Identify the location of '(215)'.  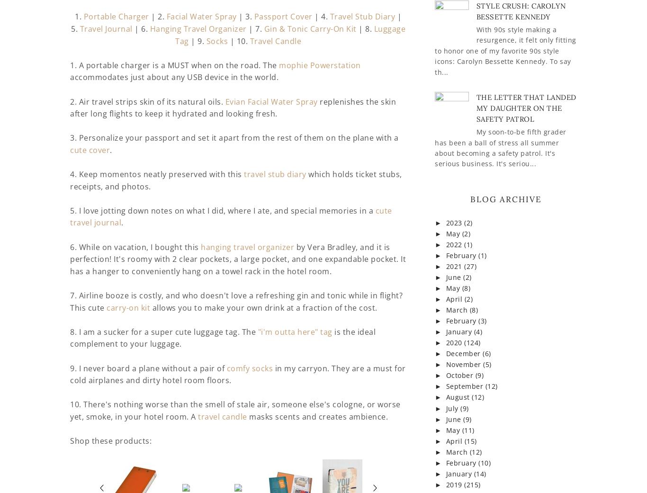
(472, 484).